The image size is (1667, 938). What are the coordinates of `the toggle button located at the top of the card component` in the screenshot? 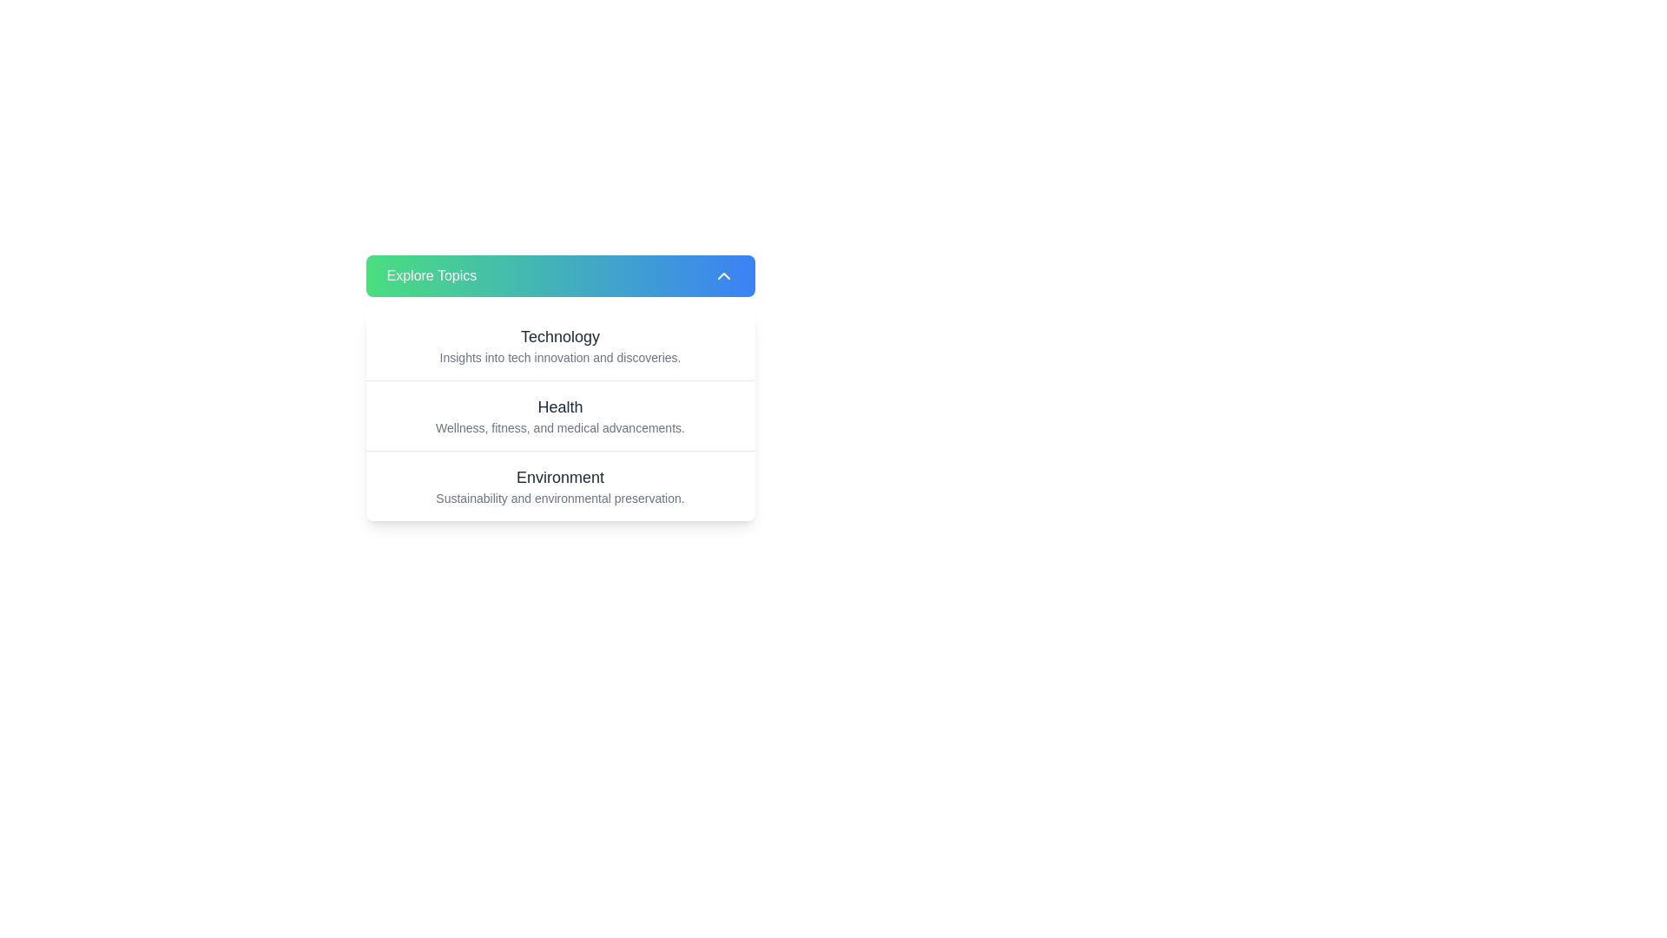 It's located at (560, 274).